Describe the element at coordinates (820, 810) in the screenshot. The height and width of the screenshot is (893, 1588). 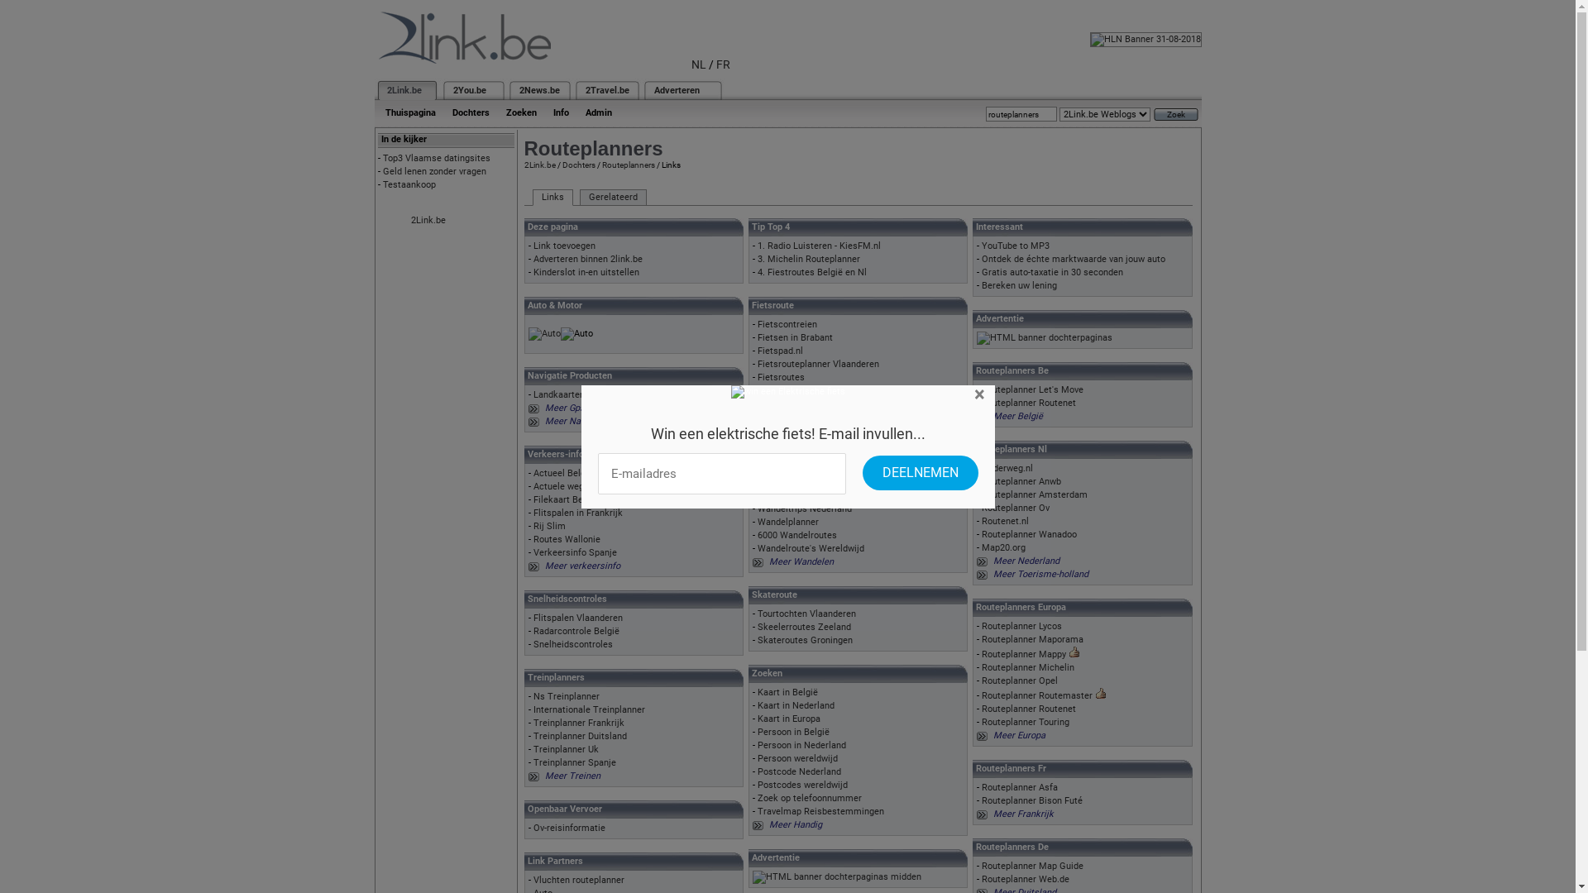
I see `'Travelmap Reisbestemmingen'` at that location.